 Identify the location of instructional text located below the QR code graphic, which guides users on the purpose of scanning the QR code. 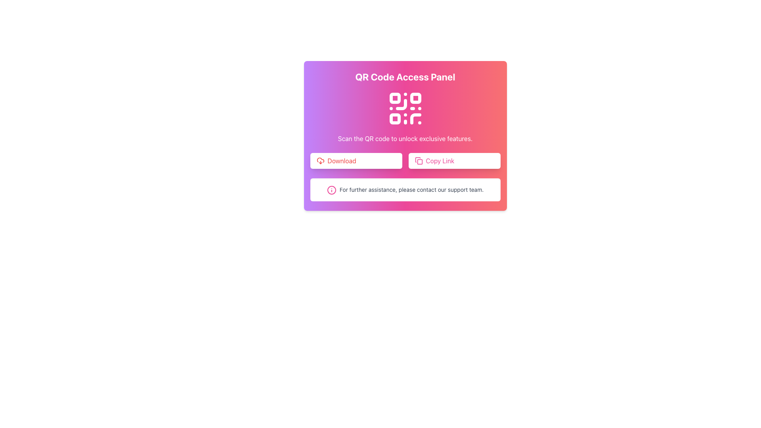
(405, 138).